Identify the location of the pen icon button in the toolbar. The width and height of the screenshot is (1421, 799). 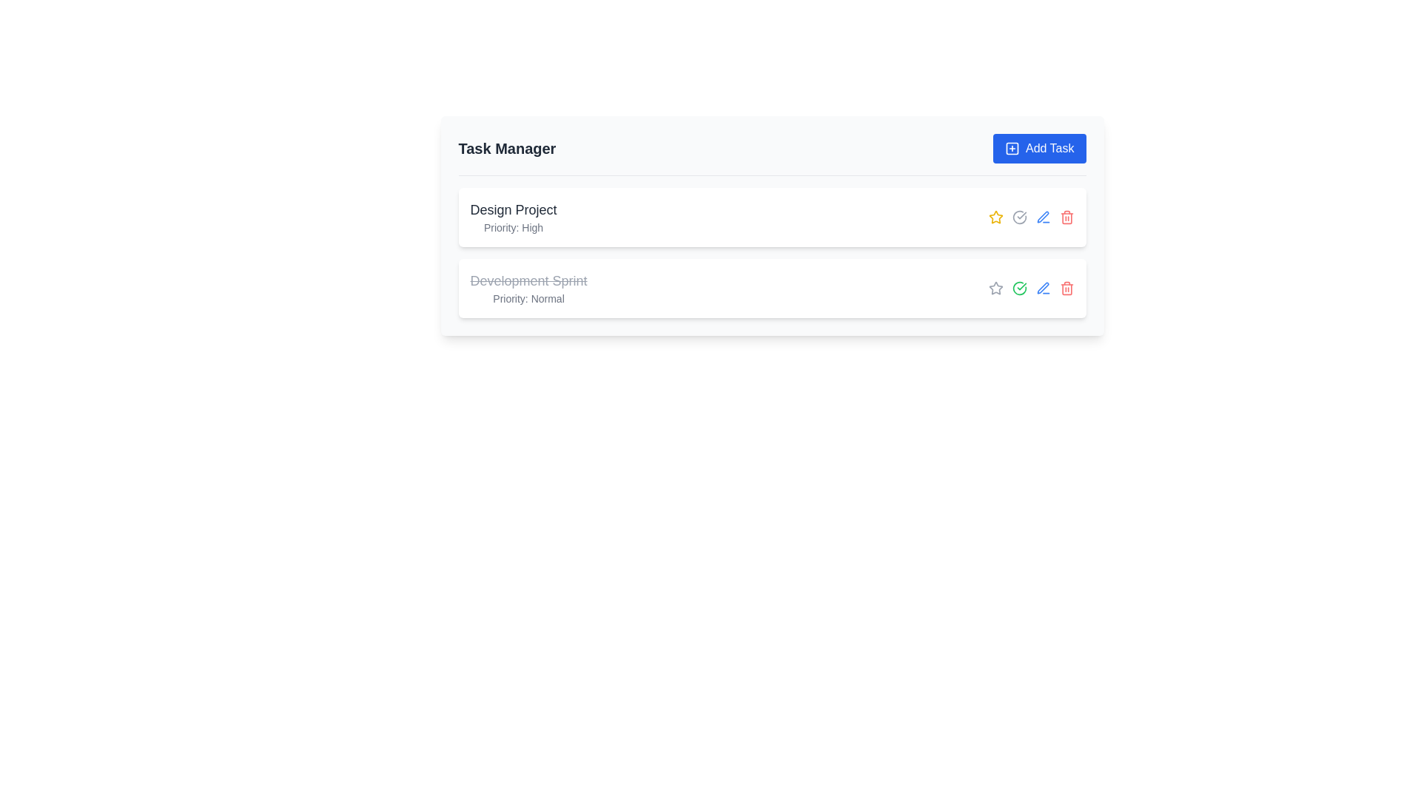
(1042, 217).